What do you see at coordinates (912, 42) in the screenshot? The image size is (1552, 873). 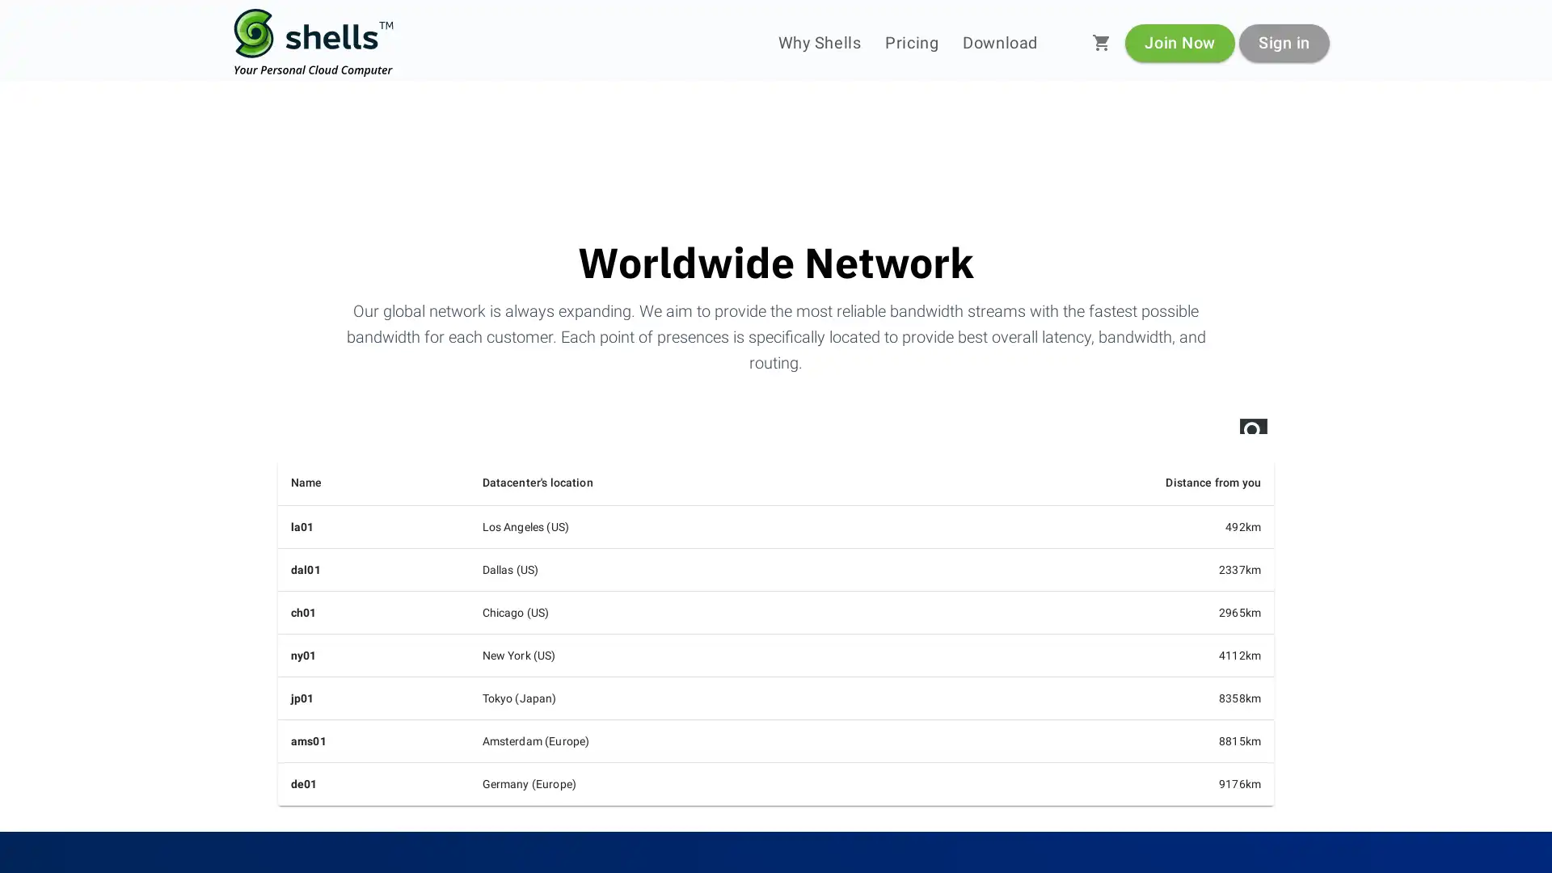 I see `Pricing` at bounding box center [912, 42].